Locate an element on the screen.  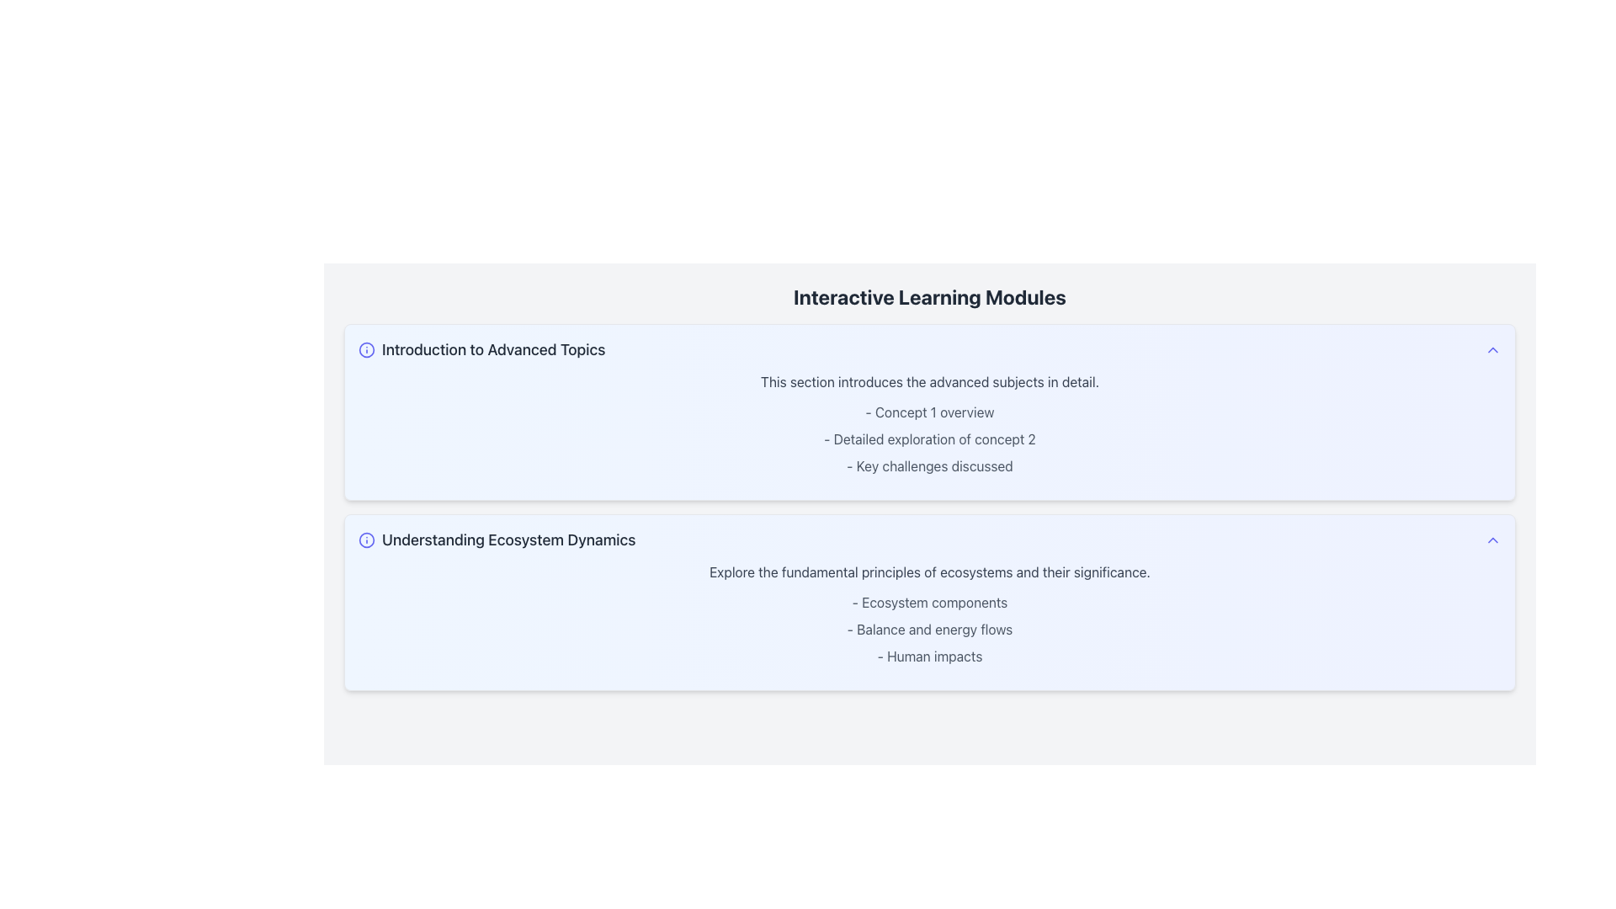
the second item in the vertical list of bullet points, which indicates a specific concept or topic under an educational module, positioned below 'Ecosystem components' and above 'Human impacts' is located at coordinates (928, 630).